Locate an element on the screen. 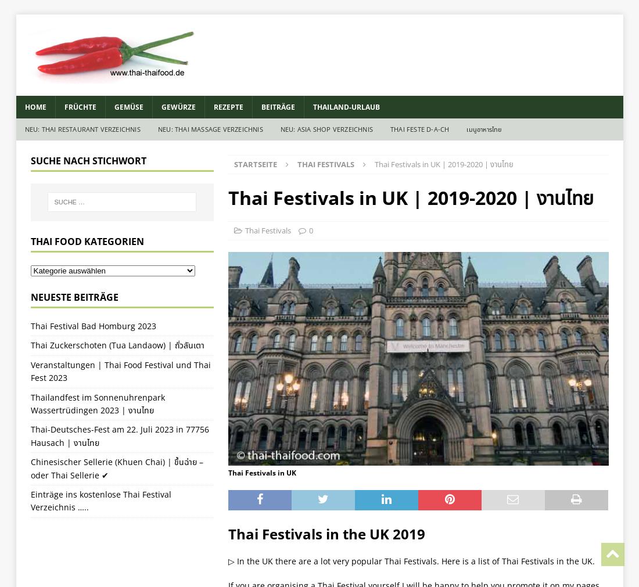 Image resolution: width=639 pixels, height=587 pixels. 'Thailandfest im Sonnenuhrenpark Wassertrüdingen 2023 | งานไทย' is located at coordinates (96, 402).